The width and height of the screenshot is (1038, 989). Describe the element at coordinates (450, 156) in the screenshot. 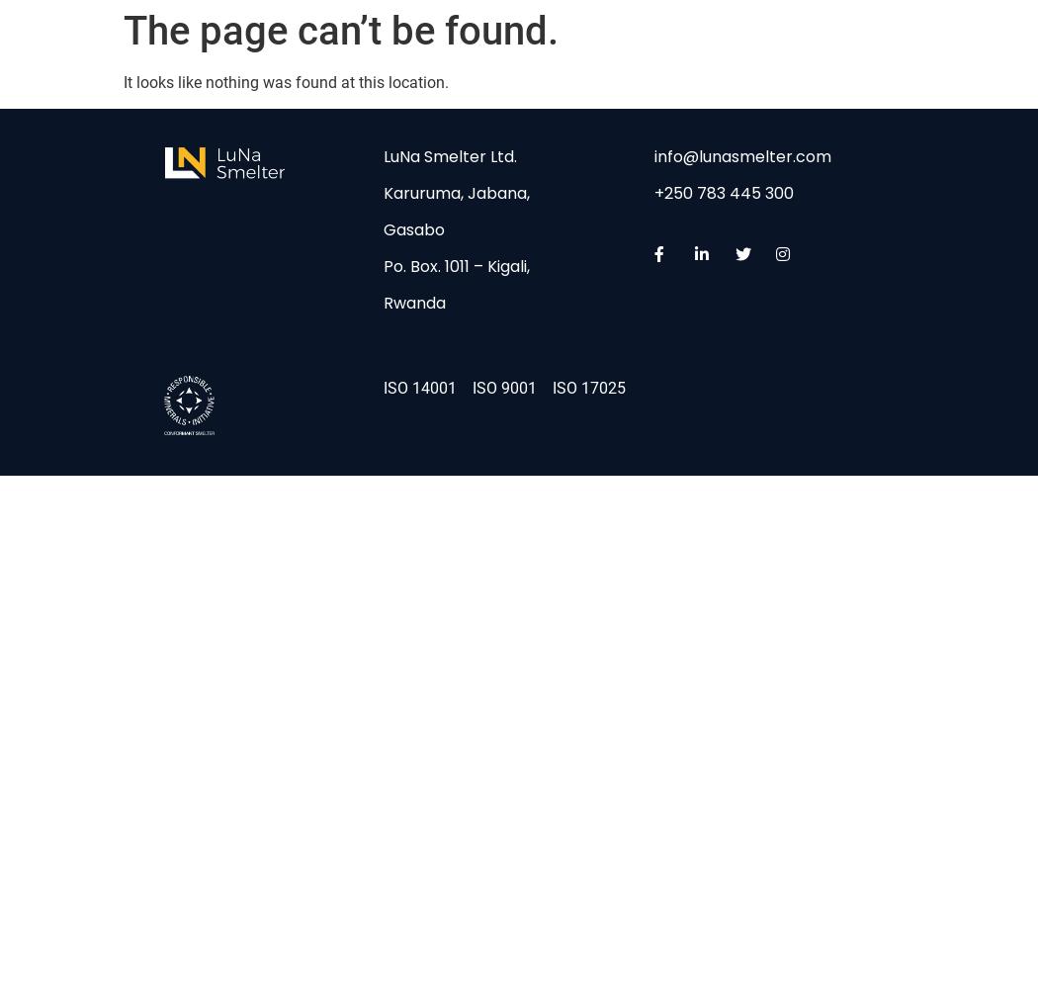

I see `'LuNa Smelter Ltd.'` at that location.